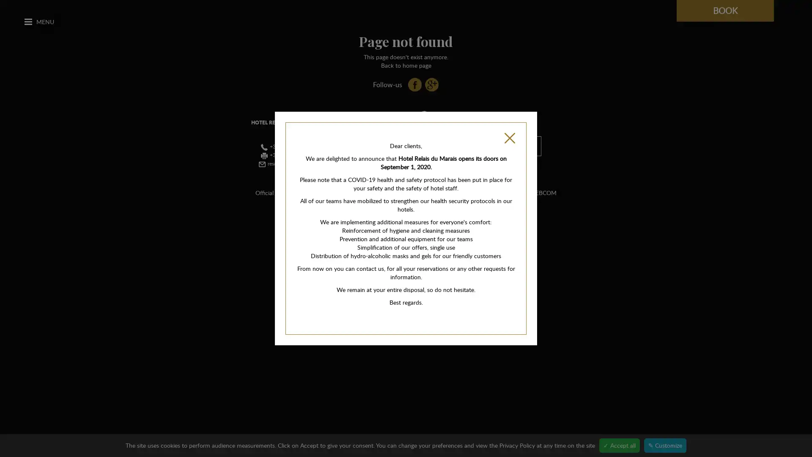 Image resolution: width=812 pixels, height=457 pixels. What do you see at coordinates (619, 445) in the screenshot?
I see `Accept all` at bounding box center [619, 445].